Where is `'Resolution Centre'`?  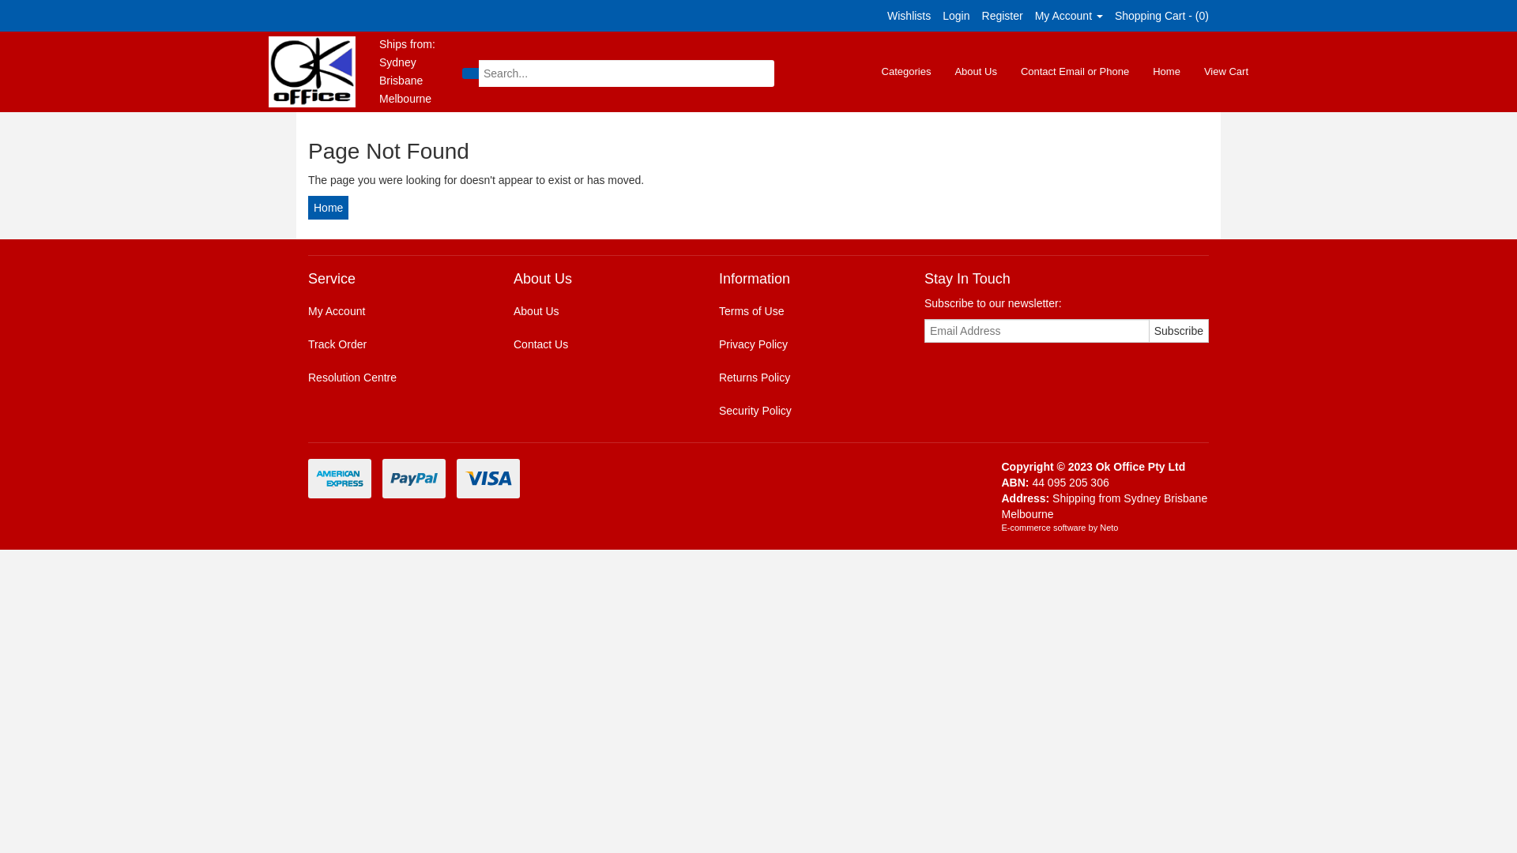
'Resolution Centre' is located at coordinates (295, 378).